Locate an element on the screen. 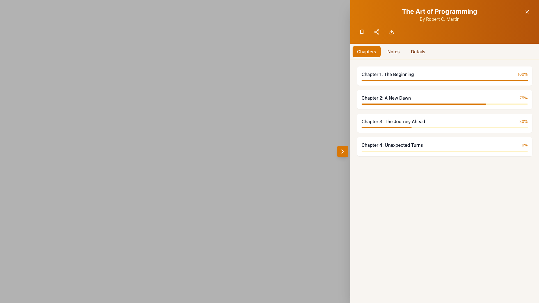 The image size is (539, 303). the orange share icon button located to the right of the header section labeled 'The Art of Programming' is located at coordinates (377, 32).